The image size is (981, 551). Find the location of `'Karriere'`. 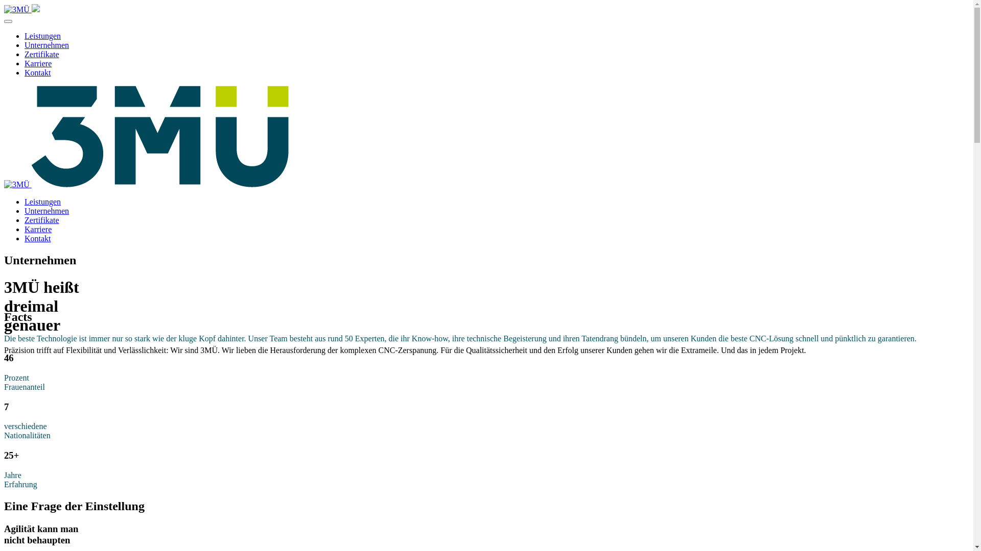

'Karriere' is located at coordinates (38, 63).